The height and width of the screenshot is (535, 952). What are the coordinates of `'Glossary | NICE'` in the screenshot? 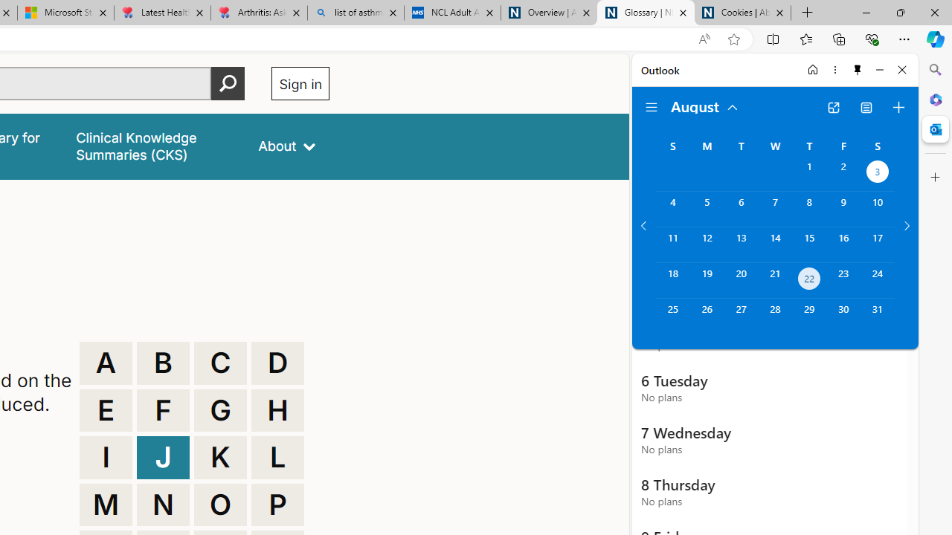 It's located at (646, 13).